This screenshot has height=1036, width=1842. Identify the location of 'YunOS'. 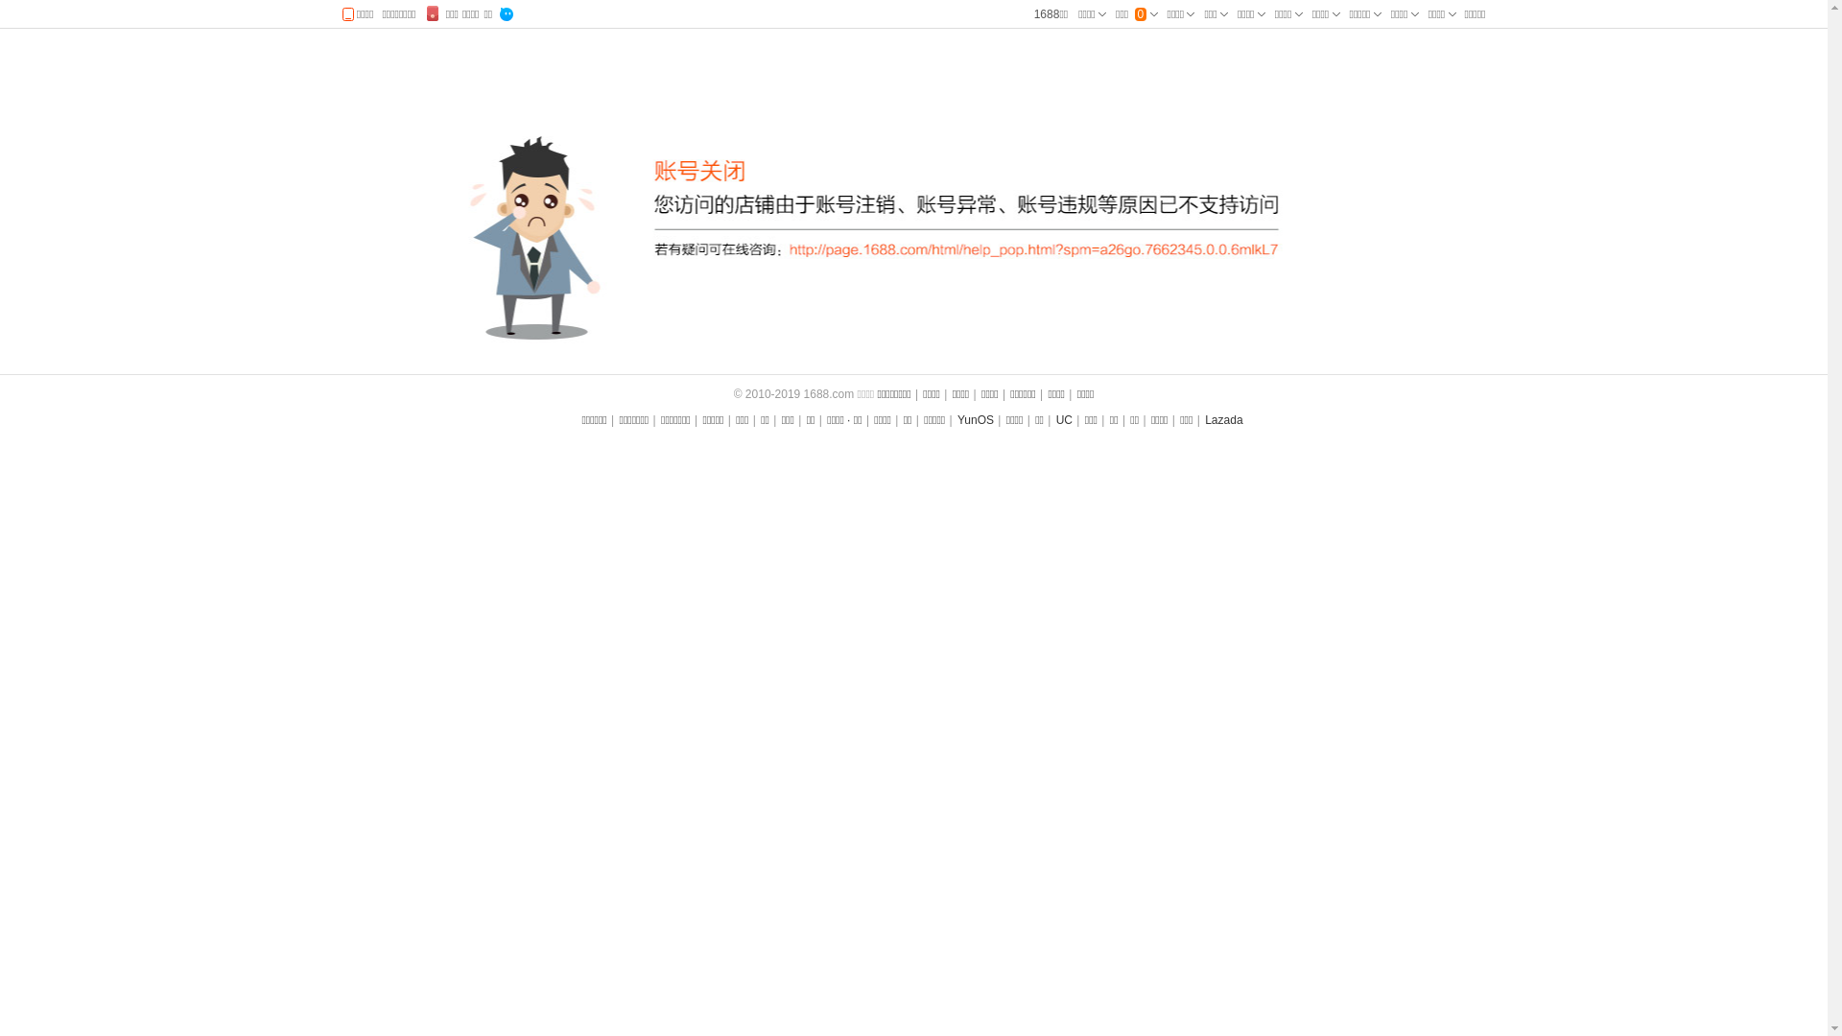
(976, 419).